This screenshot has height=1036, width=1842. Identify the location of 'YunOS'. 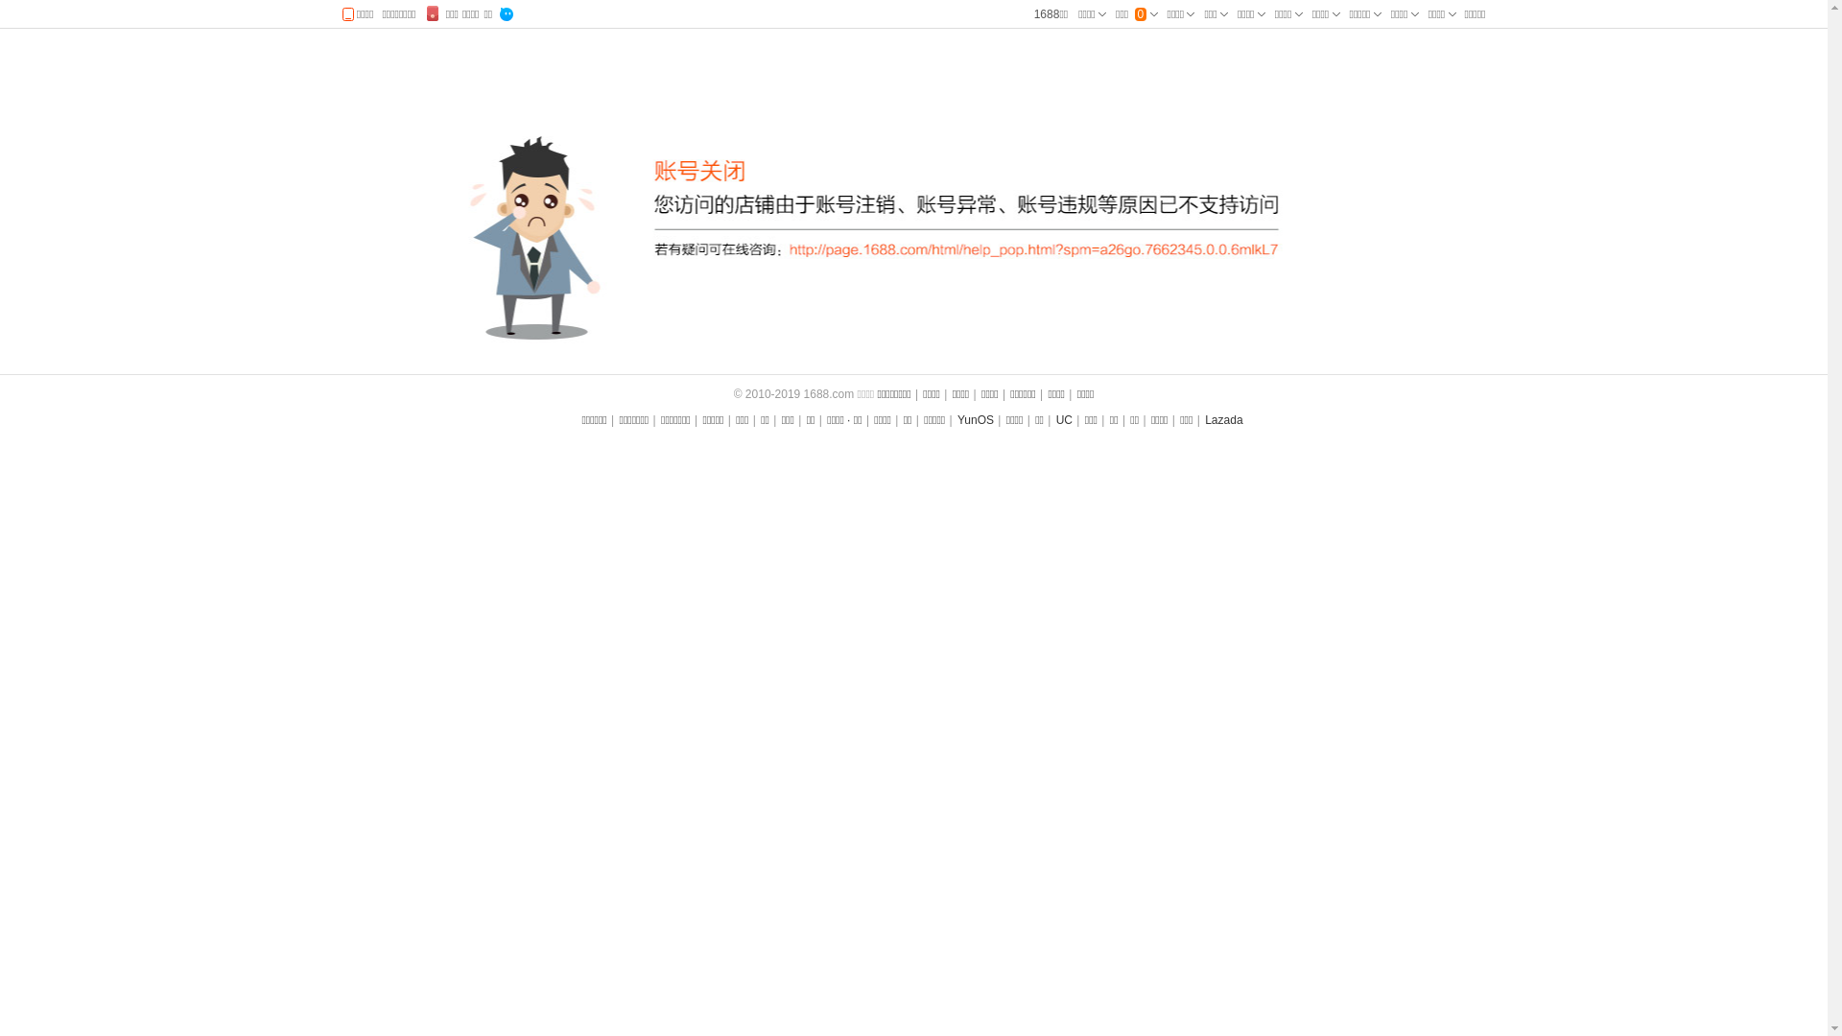
(976, 419).